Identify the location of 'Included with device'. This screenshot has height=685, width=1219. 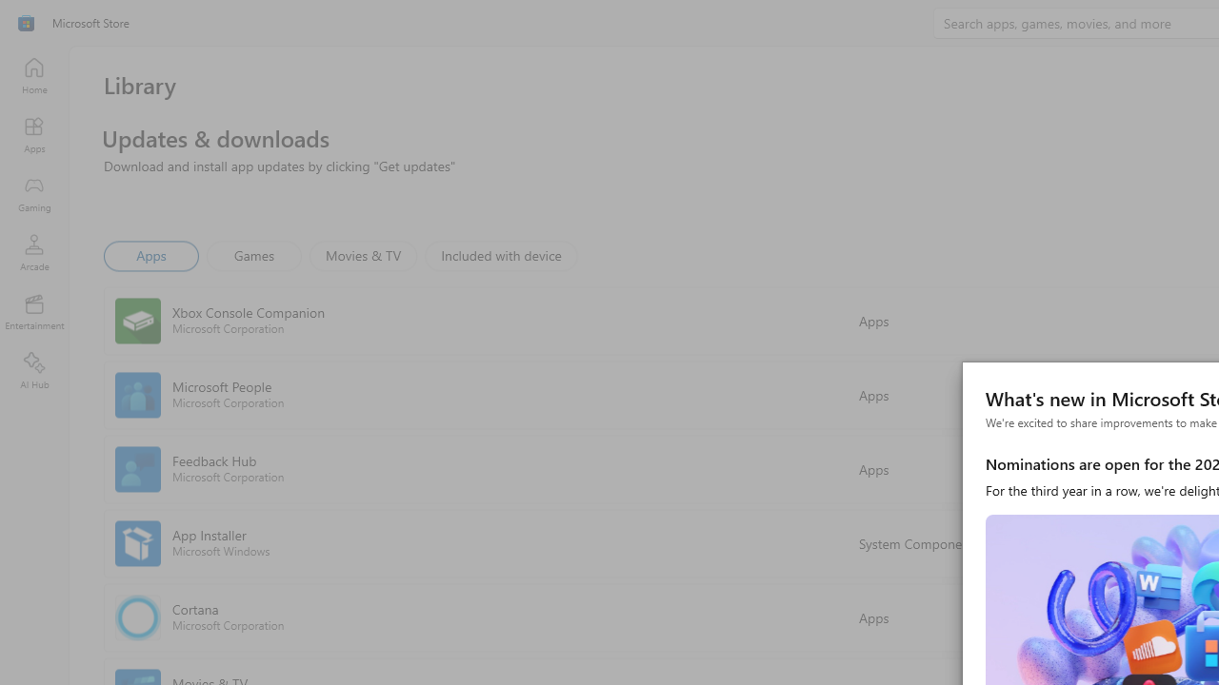
(500, 254).